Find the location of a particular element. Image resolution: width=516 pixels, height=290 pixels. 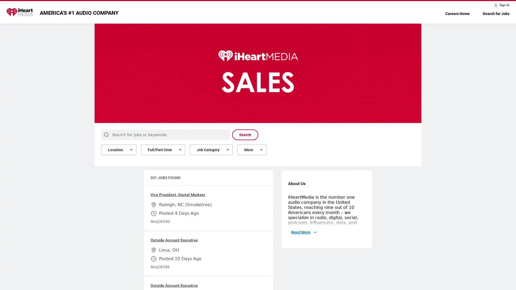

Location is located at coordinates (118, 150).